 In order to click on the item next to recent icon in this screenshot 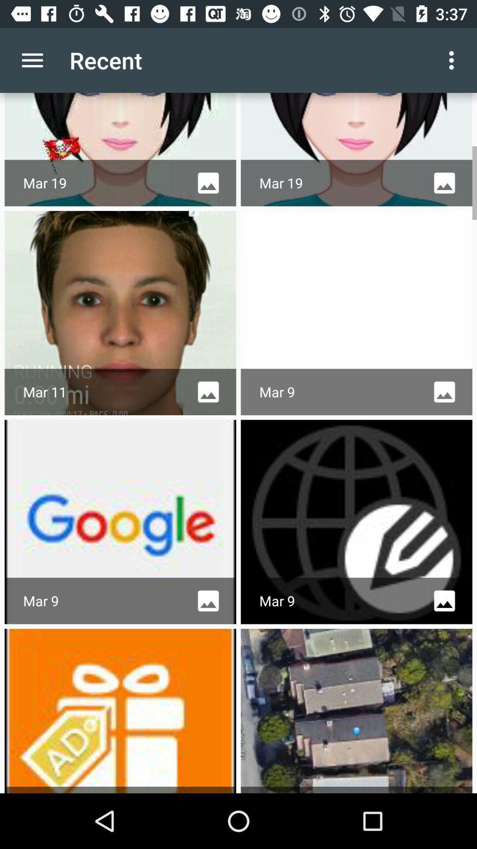, I will do `click(32, 60)`.